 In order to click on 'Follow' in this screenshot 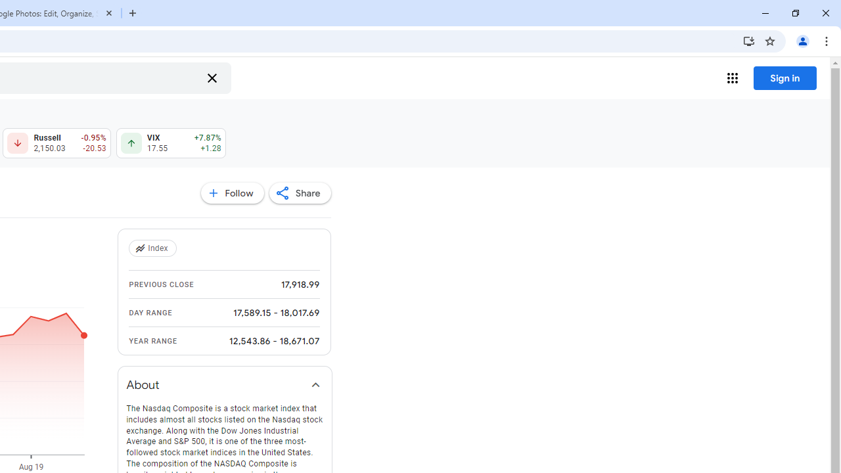, I will do `click(232, 193)`.